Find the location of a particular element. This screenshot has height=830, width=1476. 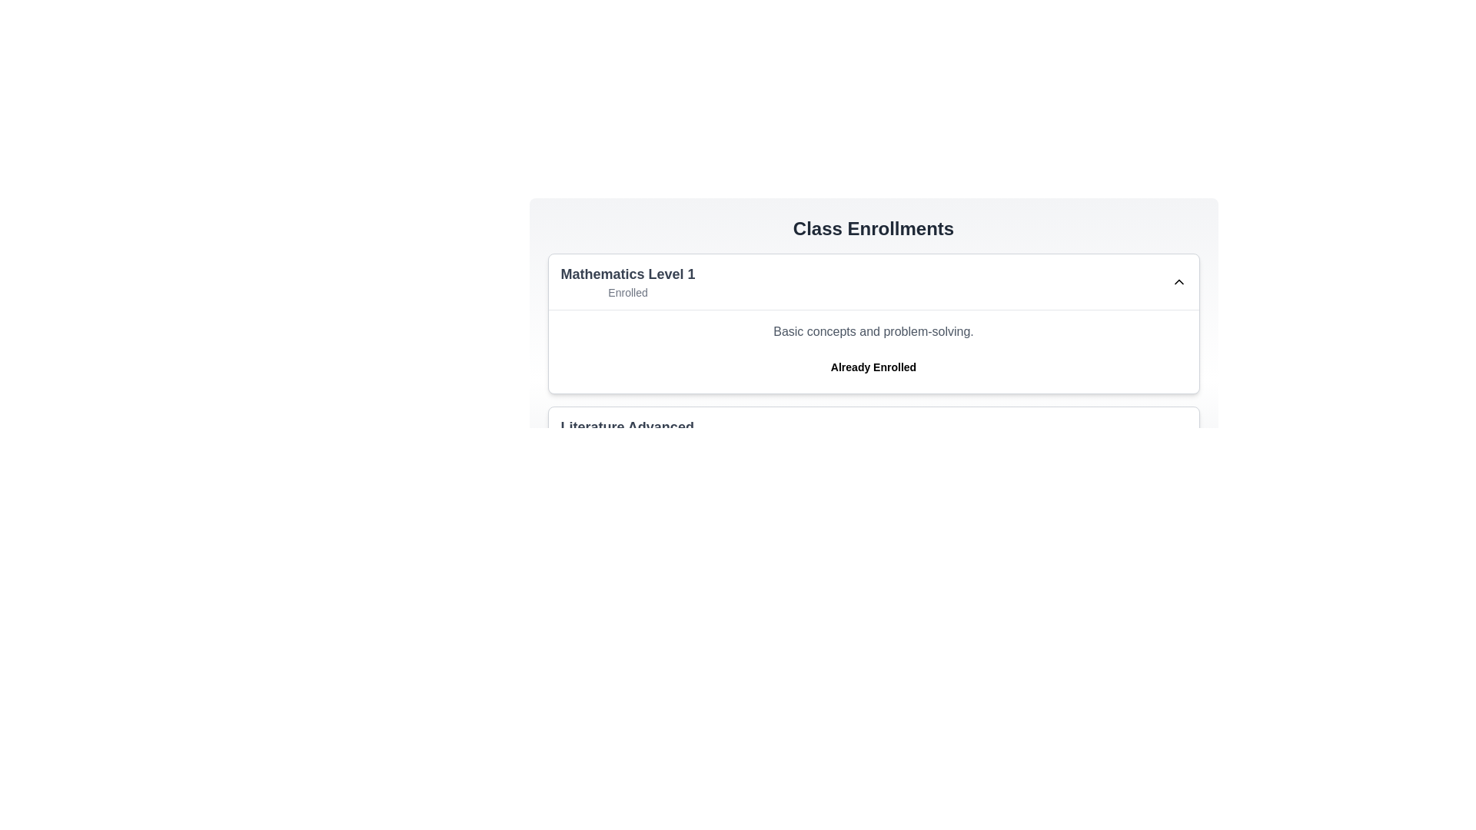

the text label reading 'Basic concepts and problem-solving.' styled in gray font, located within the 'Class Enrollments' section under 'Mathematics Level 1' is located at coordinates (873, 331).